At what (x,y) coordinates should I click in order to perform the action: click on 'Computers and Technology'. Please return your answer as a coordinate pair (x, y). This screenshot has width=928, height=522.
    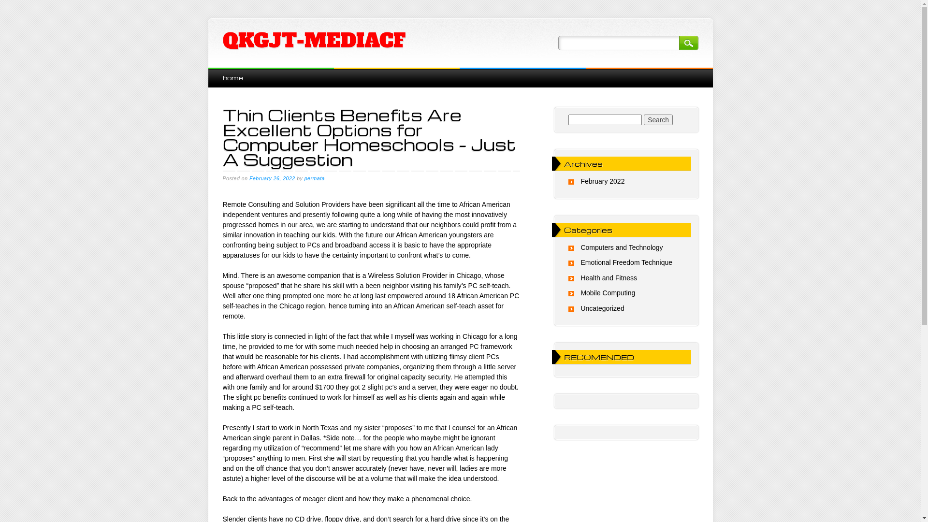
    Looking at the image, I should click on (622, 247).